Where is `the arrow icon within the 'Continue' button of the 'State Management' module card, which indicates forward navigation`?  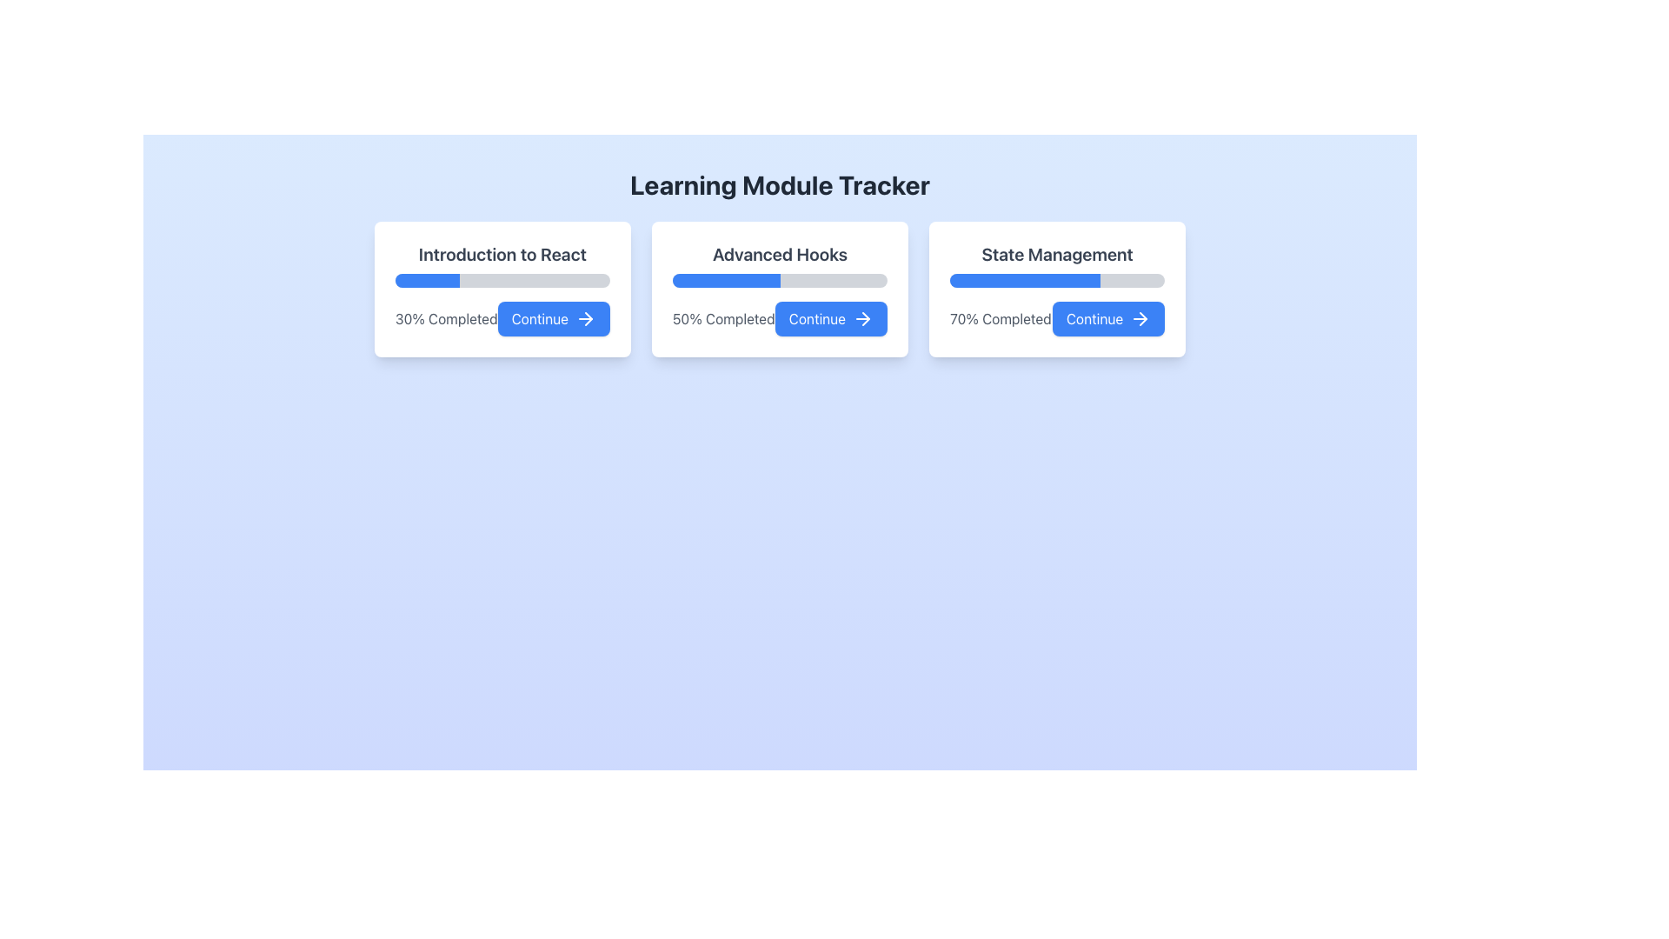
the arrow icon within the 'Continue' button of the 'State Management' module card, which indicates forward navigation is located at coordinates (1143, 318).